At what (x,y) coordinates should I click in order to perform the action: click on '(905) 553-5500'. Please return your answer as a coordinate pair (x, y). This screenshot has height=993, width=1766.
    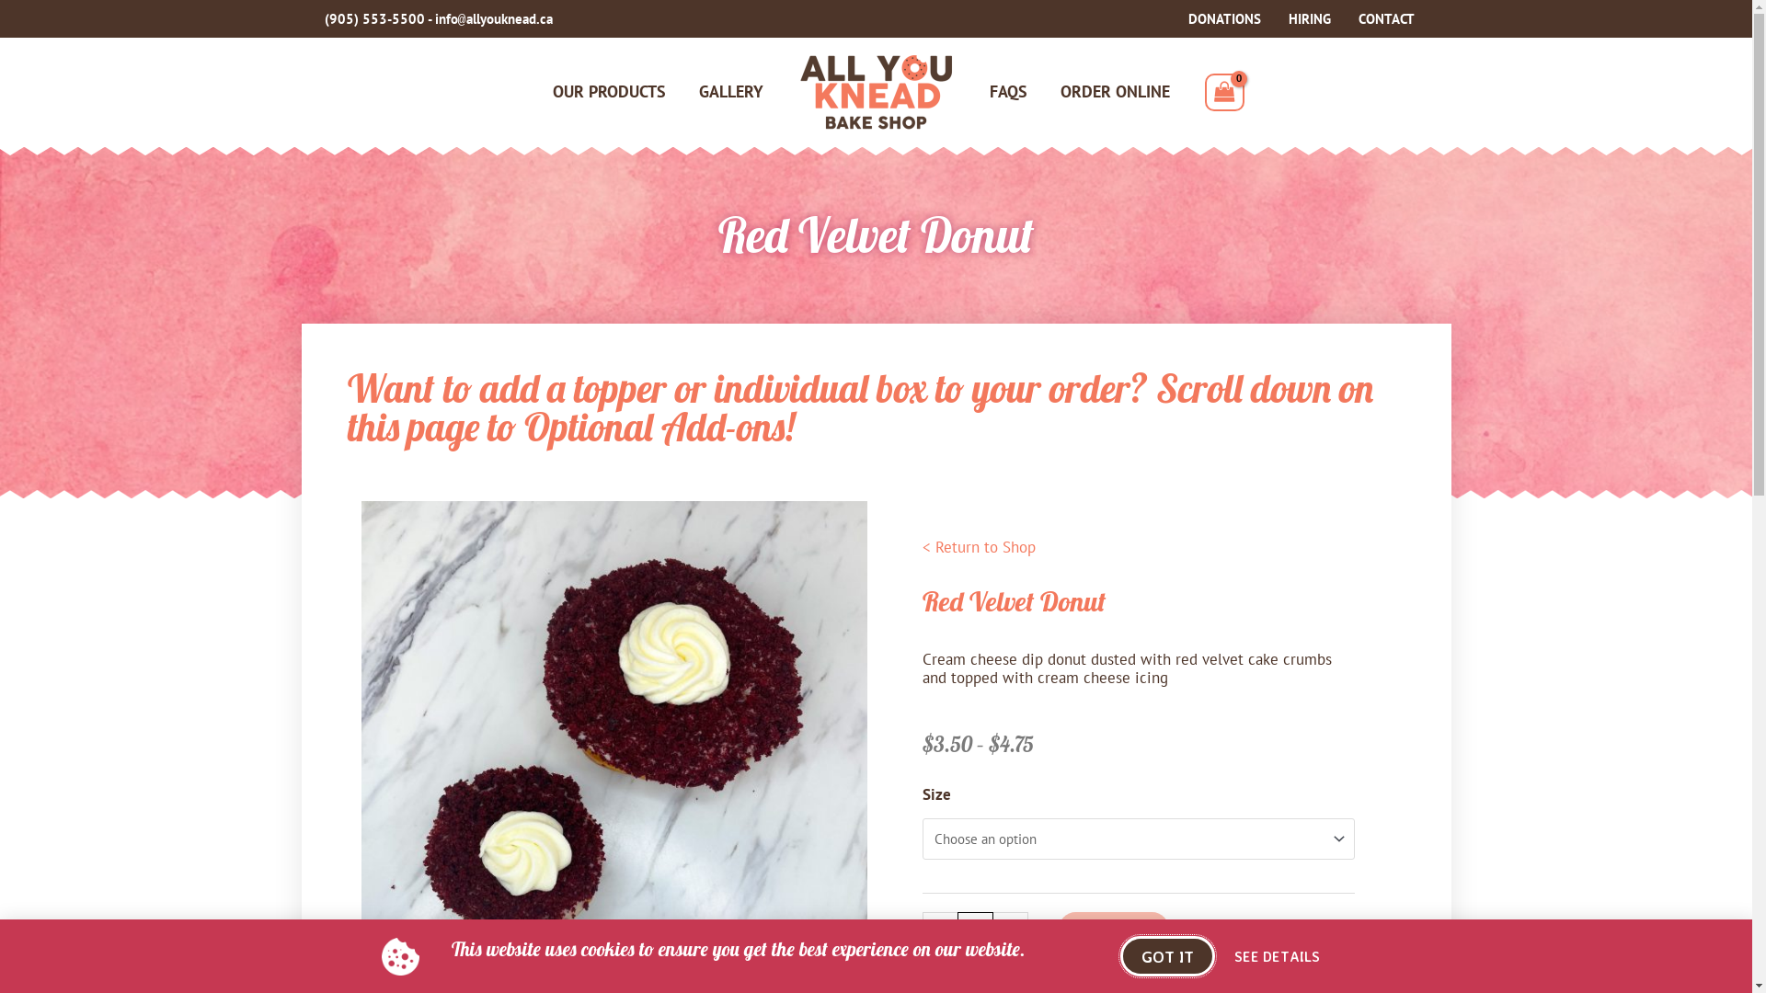
    Looking at the image, I should click on (323, 18).